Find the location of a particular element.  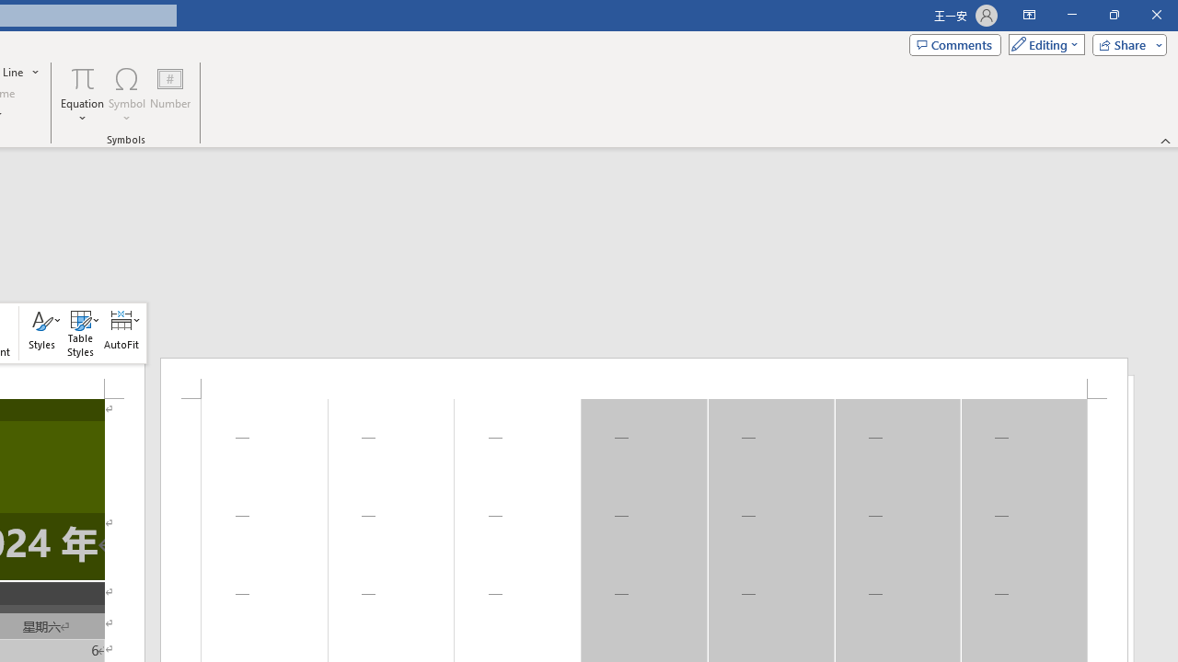

'AutoFit' is located at coordinates (121, 333).